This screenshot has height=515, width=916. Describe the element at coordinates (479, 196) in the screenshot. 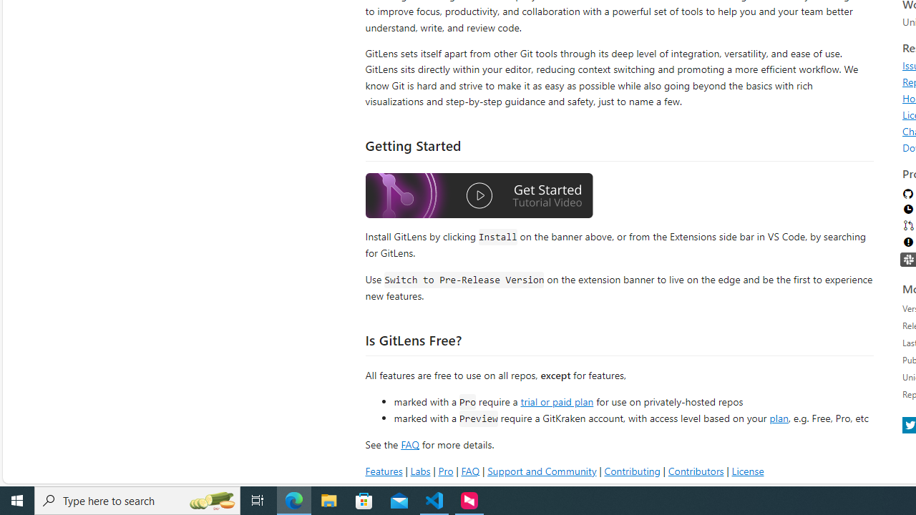

I see `'Watch the GitLens Getting Started video'` at that location.